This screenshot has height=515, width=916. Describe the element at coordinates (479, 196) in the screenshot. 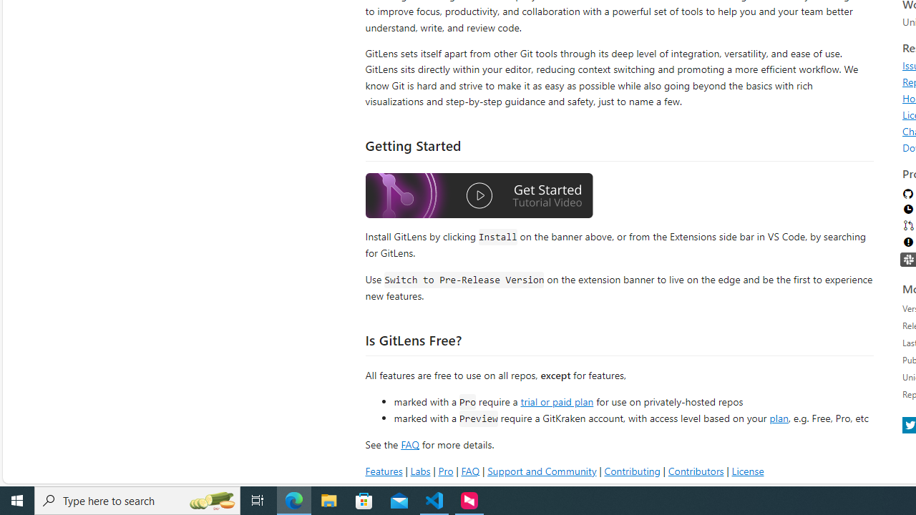

I see `'Watch the GitLens Getting Started video'` at that location.